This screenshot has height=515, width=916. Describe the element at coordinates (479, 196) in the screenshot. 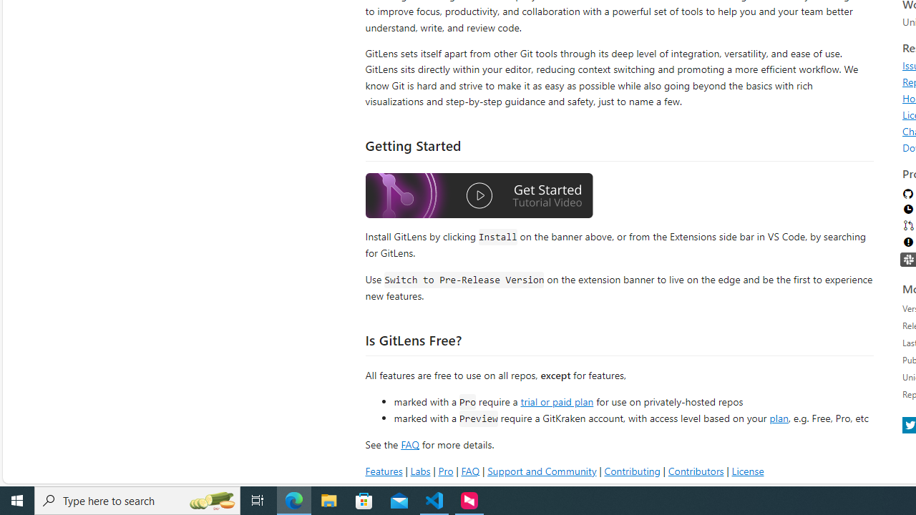

I see `'Watch the GitLens Getting Started video'` at that location.